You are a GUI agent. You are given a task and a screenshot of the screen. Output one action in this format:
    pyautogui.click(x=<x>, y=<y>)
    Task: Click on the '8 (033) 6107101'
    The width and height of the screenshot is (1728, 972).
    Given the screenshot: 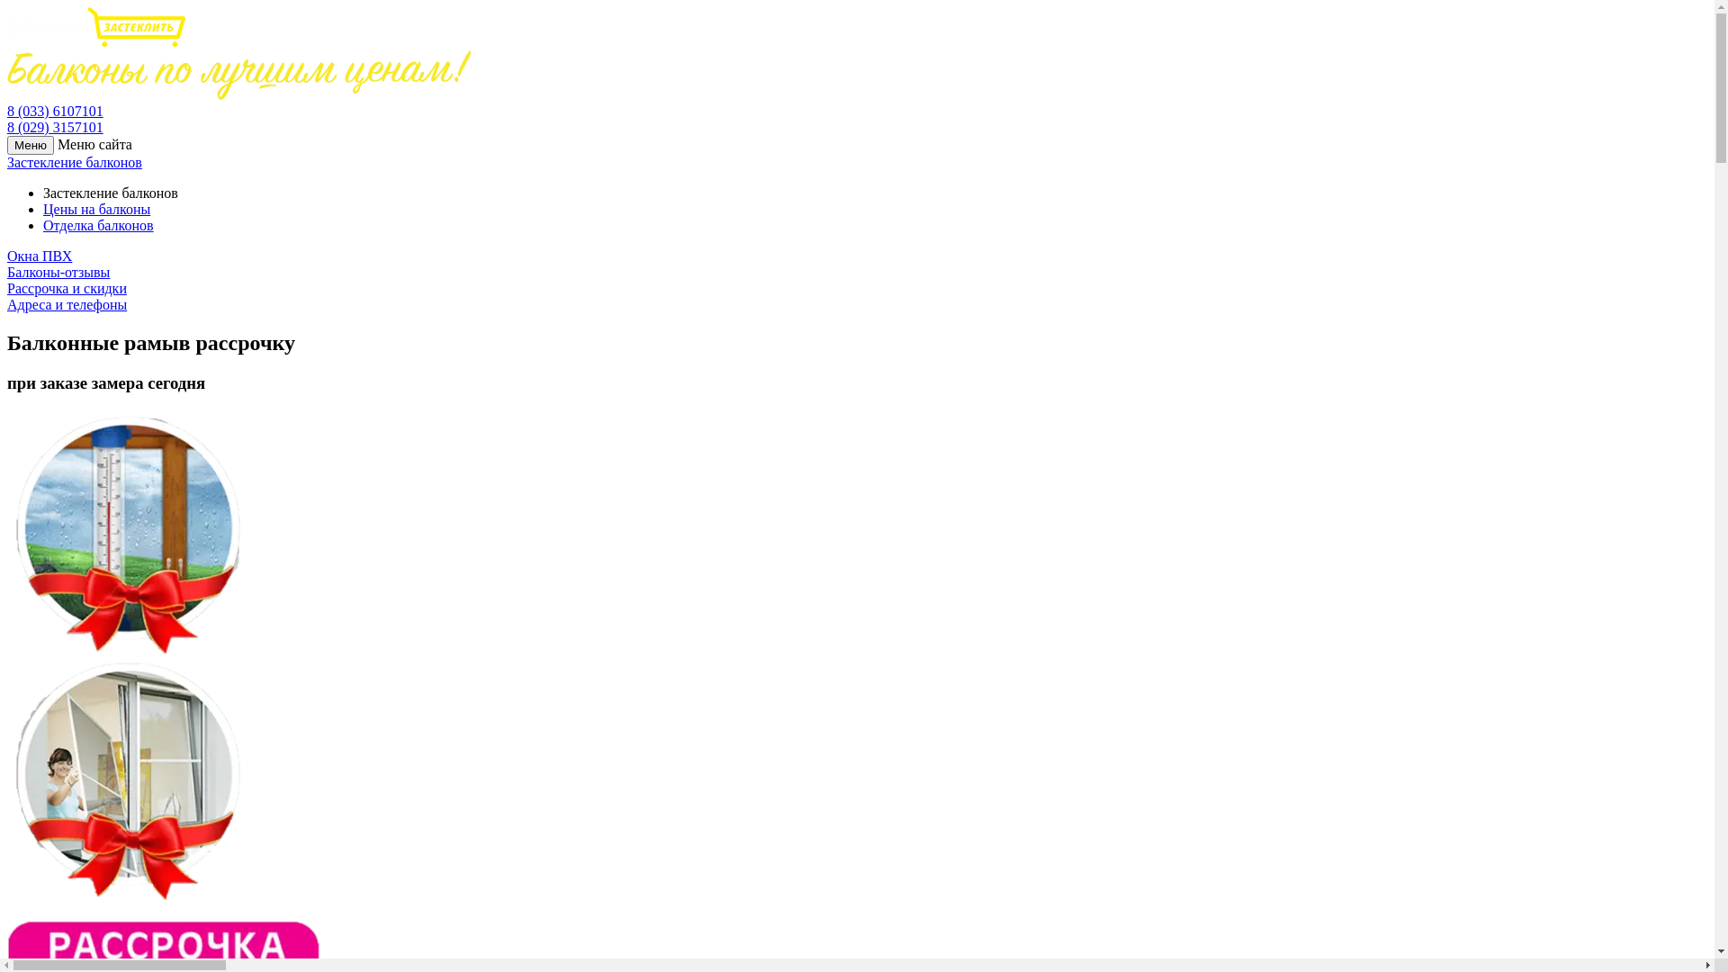 What is the action you would take?
    pyautogui.click(x=7, y=111)
    